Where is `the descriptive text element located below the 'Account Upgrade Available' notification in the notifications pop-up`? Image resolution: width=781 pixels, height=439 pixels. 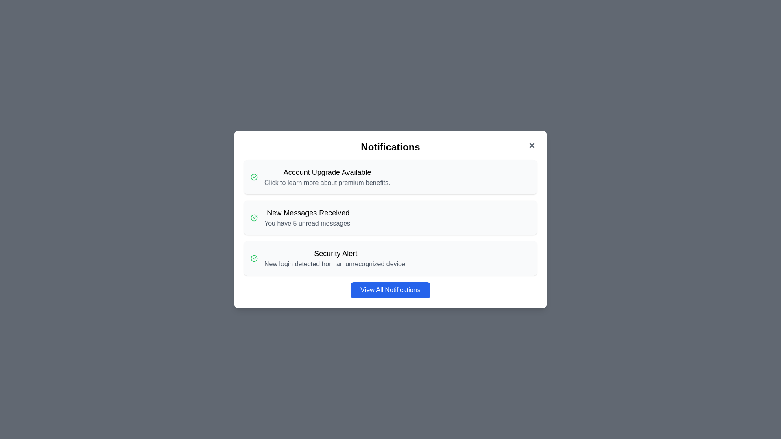 the descriptive text element located below the 'Account Upgrade Available' notification in the notifications pop-up is located at coordinates (327, 183).